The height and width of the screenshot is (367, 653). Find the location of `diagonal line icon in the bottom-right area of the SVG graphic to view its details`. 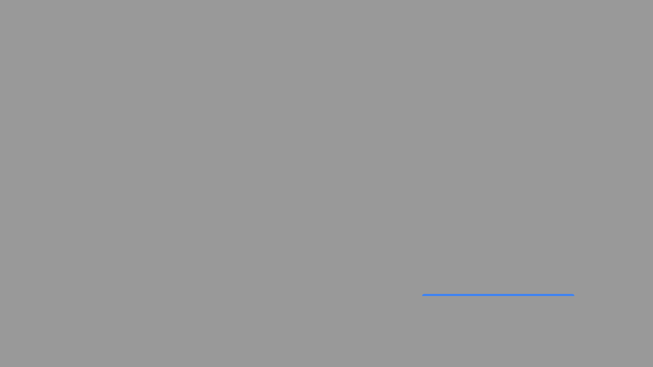

diagonal line icon in the bottom-right area of the SVG graphic to view its details is located at coordinates (565, 303).